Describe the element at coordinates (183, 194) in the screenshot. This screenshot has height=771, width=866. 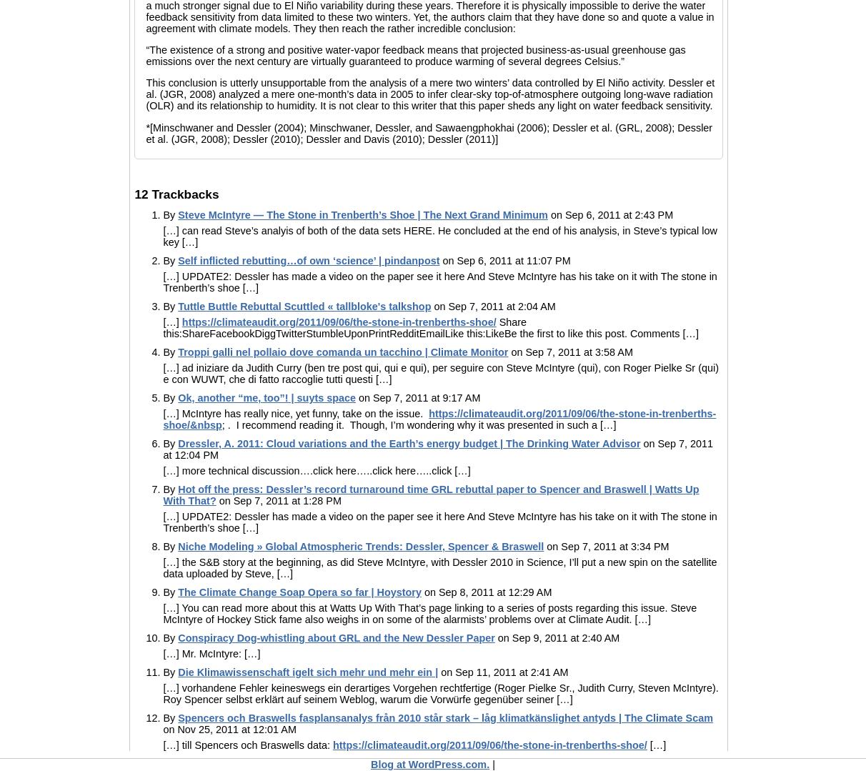
I see `'Trackbacks'` at that location.